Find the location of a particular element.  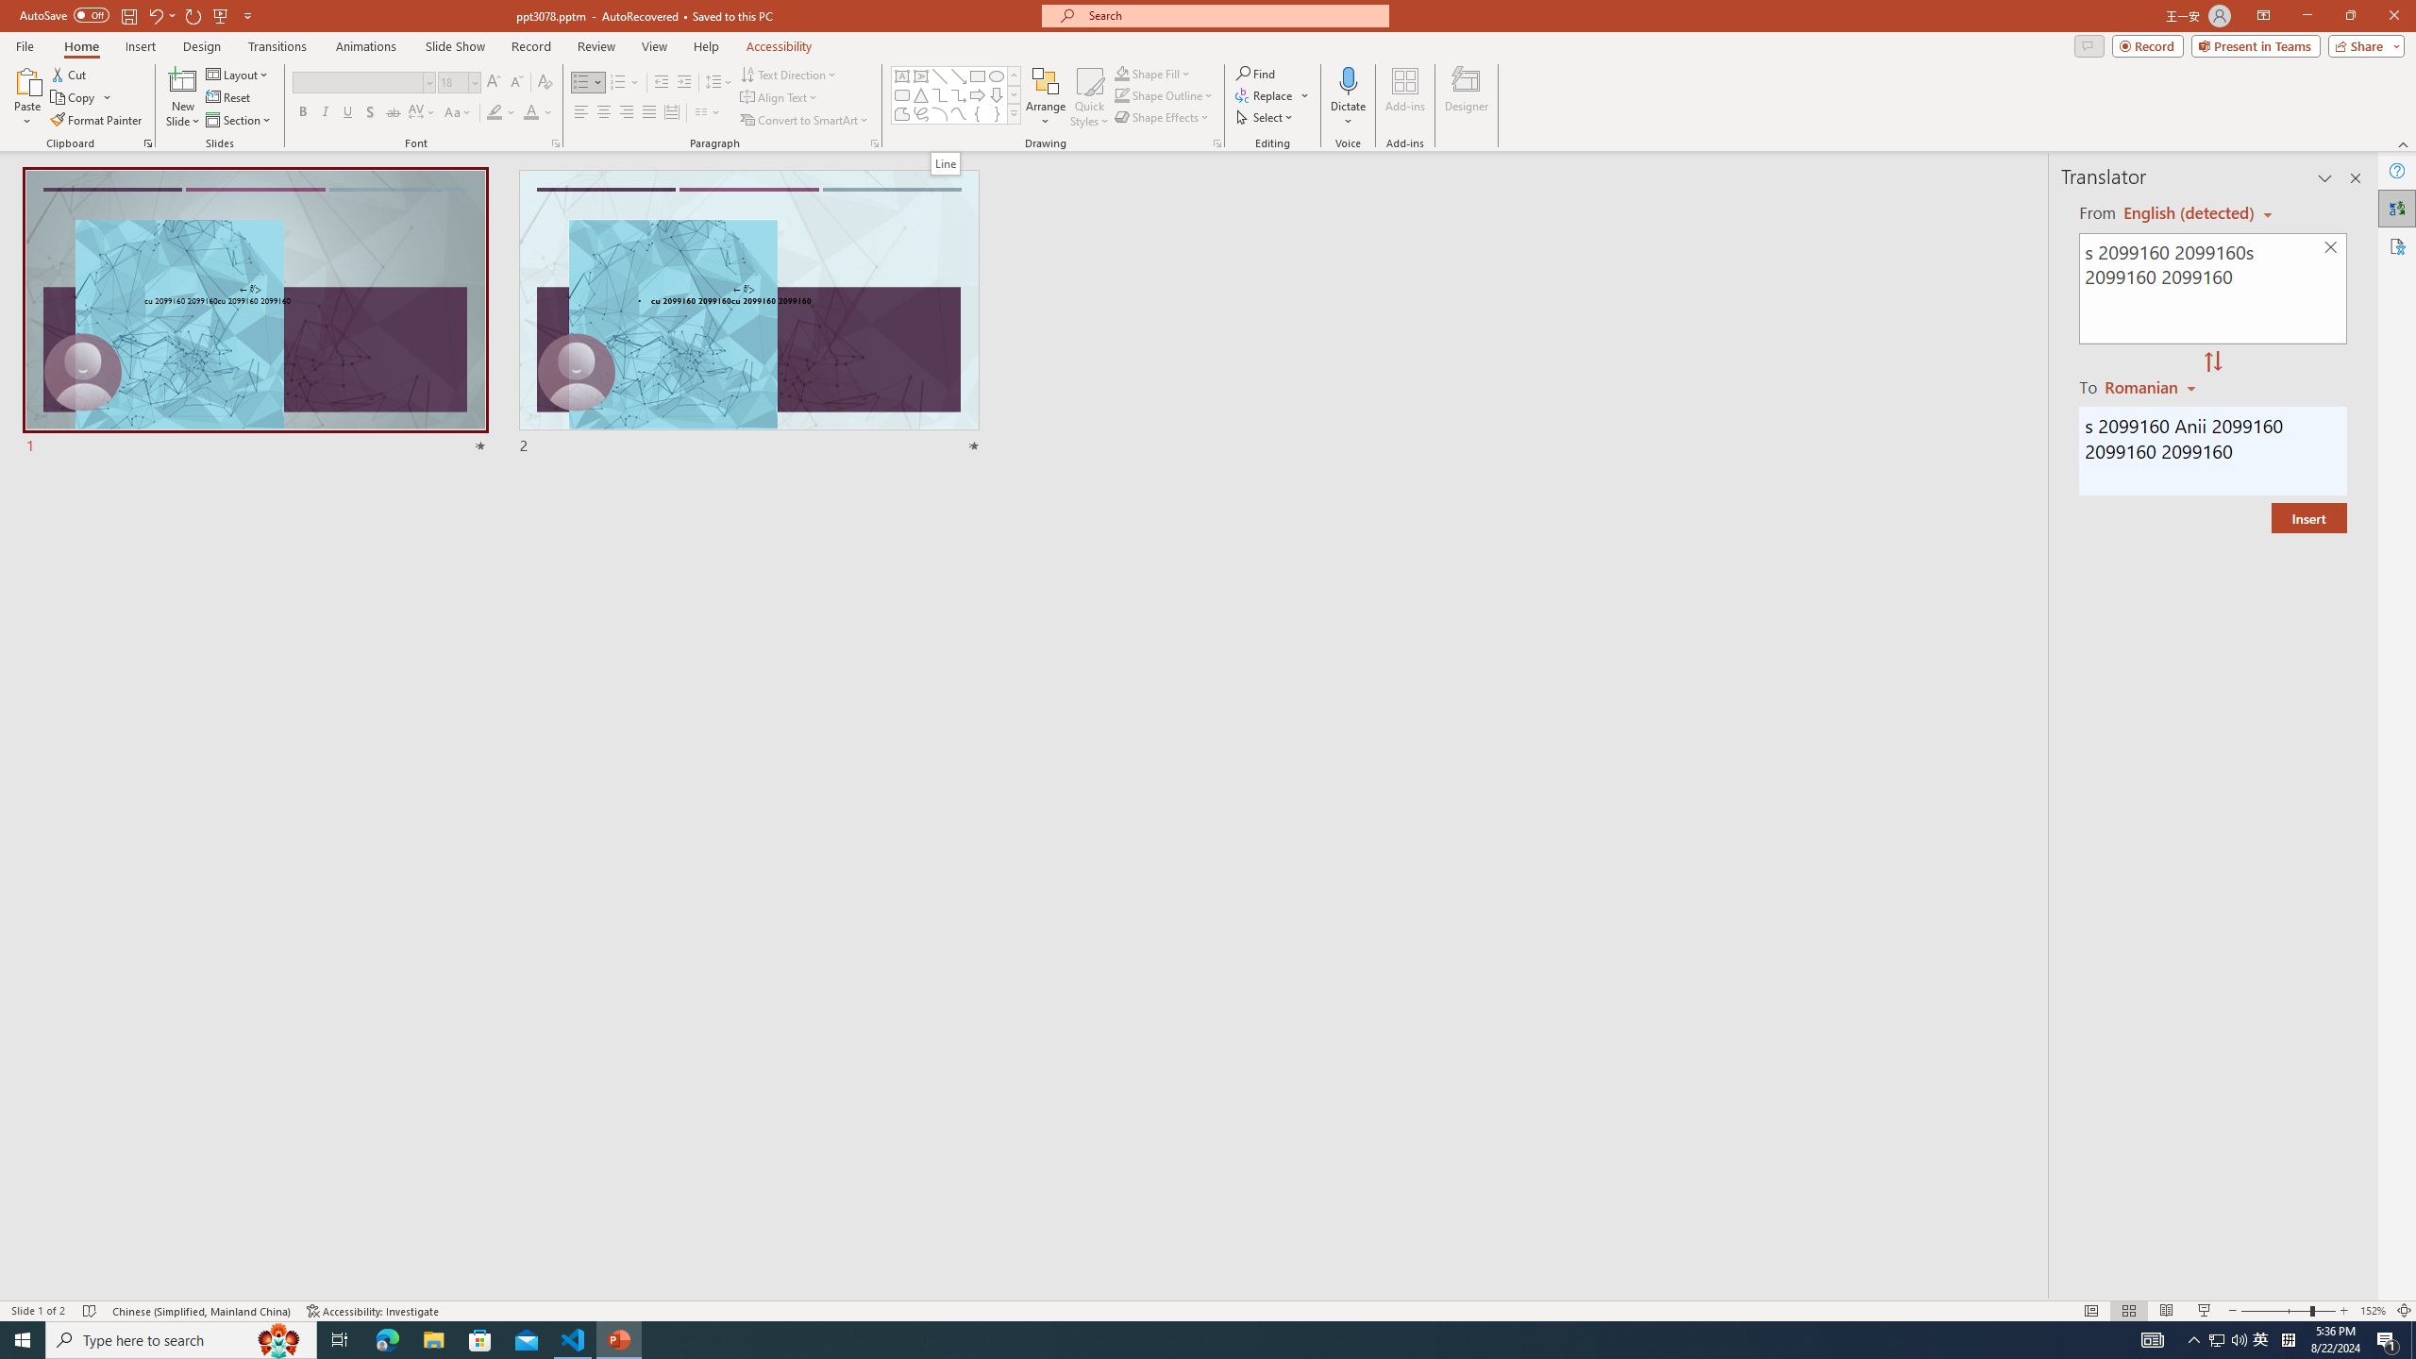

'Italic' is located at coordinates (324, 111).